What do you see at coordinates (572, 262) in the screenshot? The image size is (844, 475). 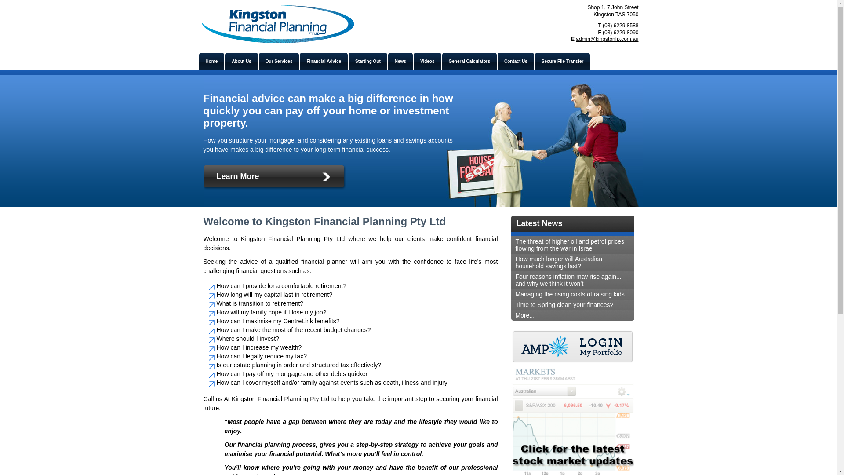 I see `'How much longer will Australian household savings last?'` at bounding box center [572, 262].